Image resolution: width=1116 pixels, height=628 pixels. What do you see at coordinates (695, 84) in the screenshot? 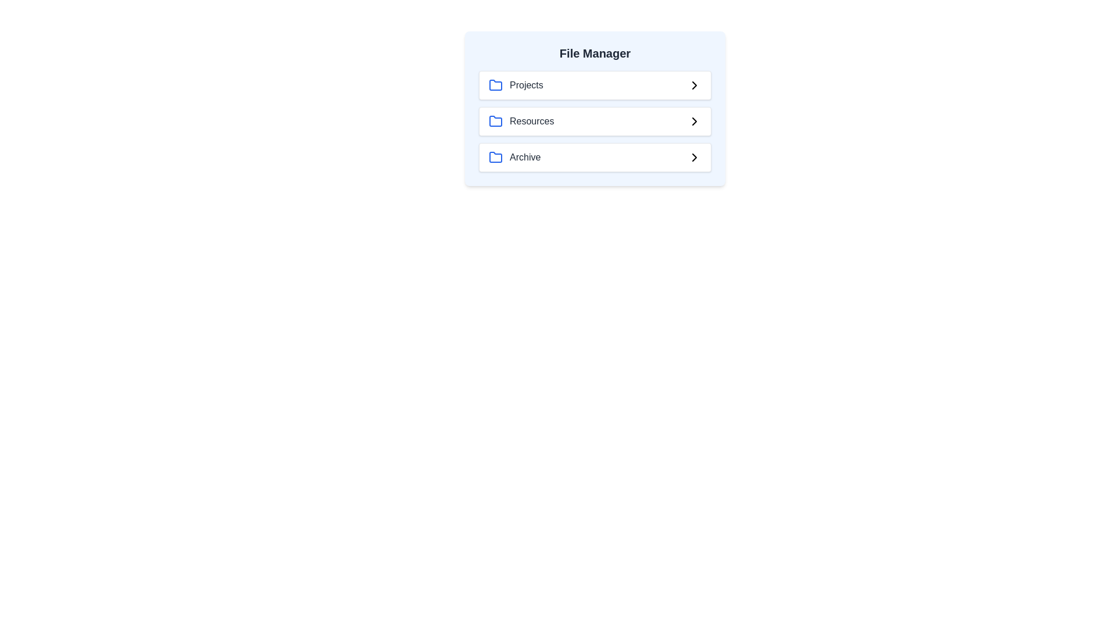
I see `the right-facing chevron arrow icon located to the right of the word 'Projects'` at bounding box center [695, 84].